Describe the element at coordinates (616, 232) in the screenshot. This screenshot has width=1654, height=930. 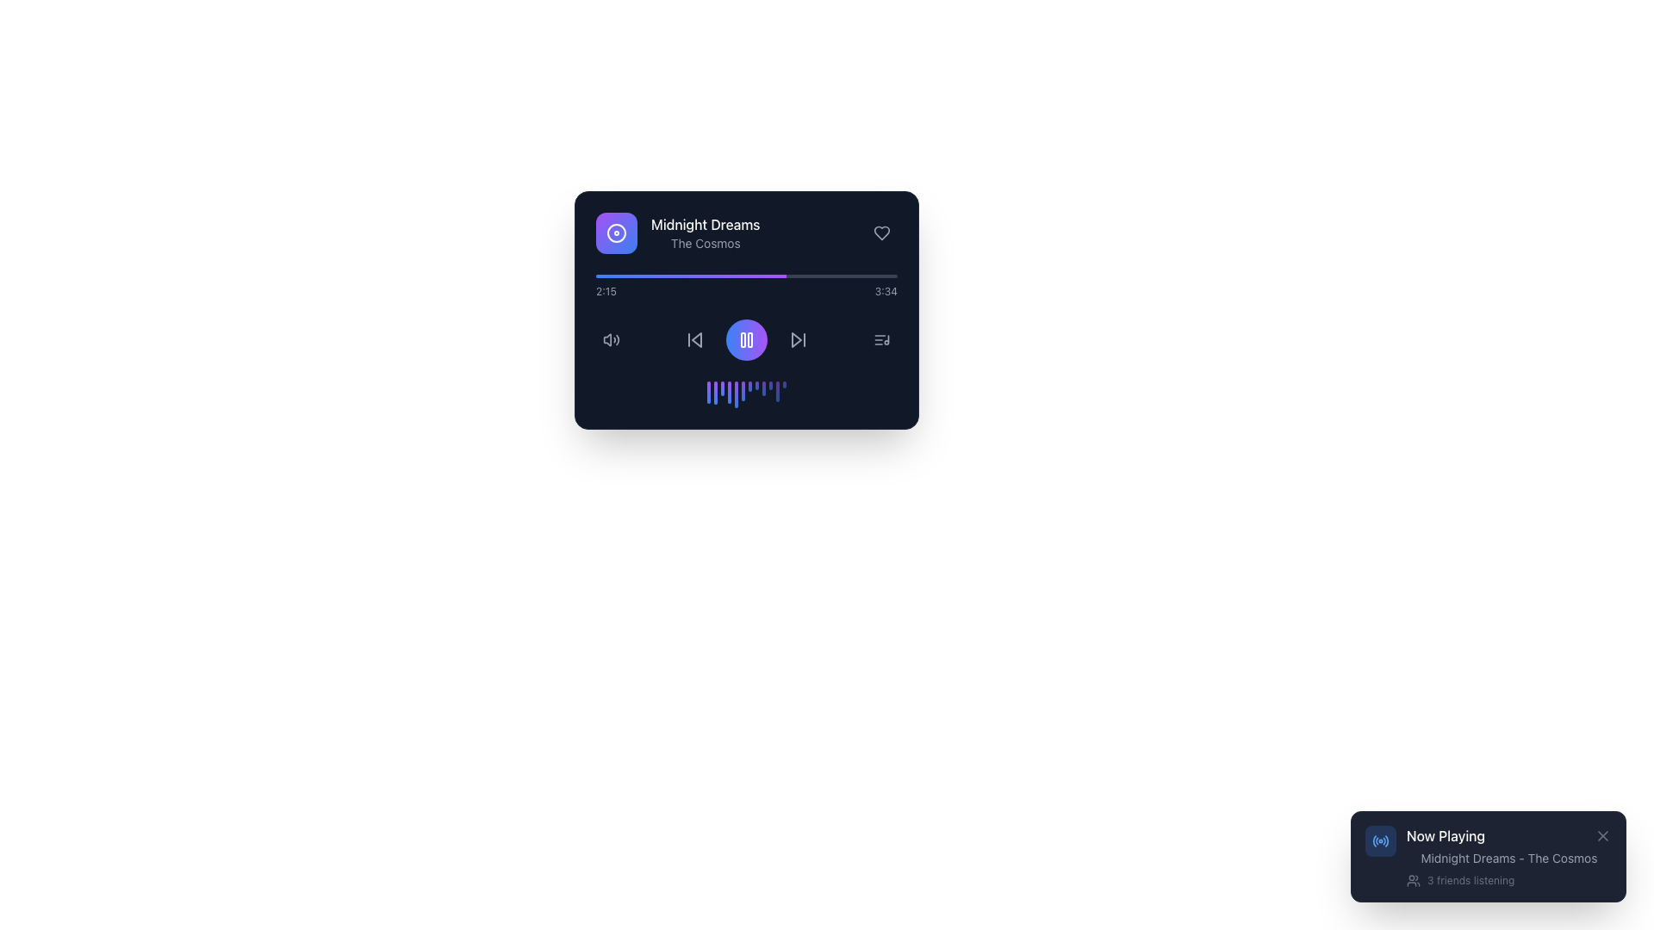
I see `the button indicating the currently active track, positioned in the top-left corner of the music player card, near the text 'Midnight Dreams' and 'The Cosmos'` at that location.